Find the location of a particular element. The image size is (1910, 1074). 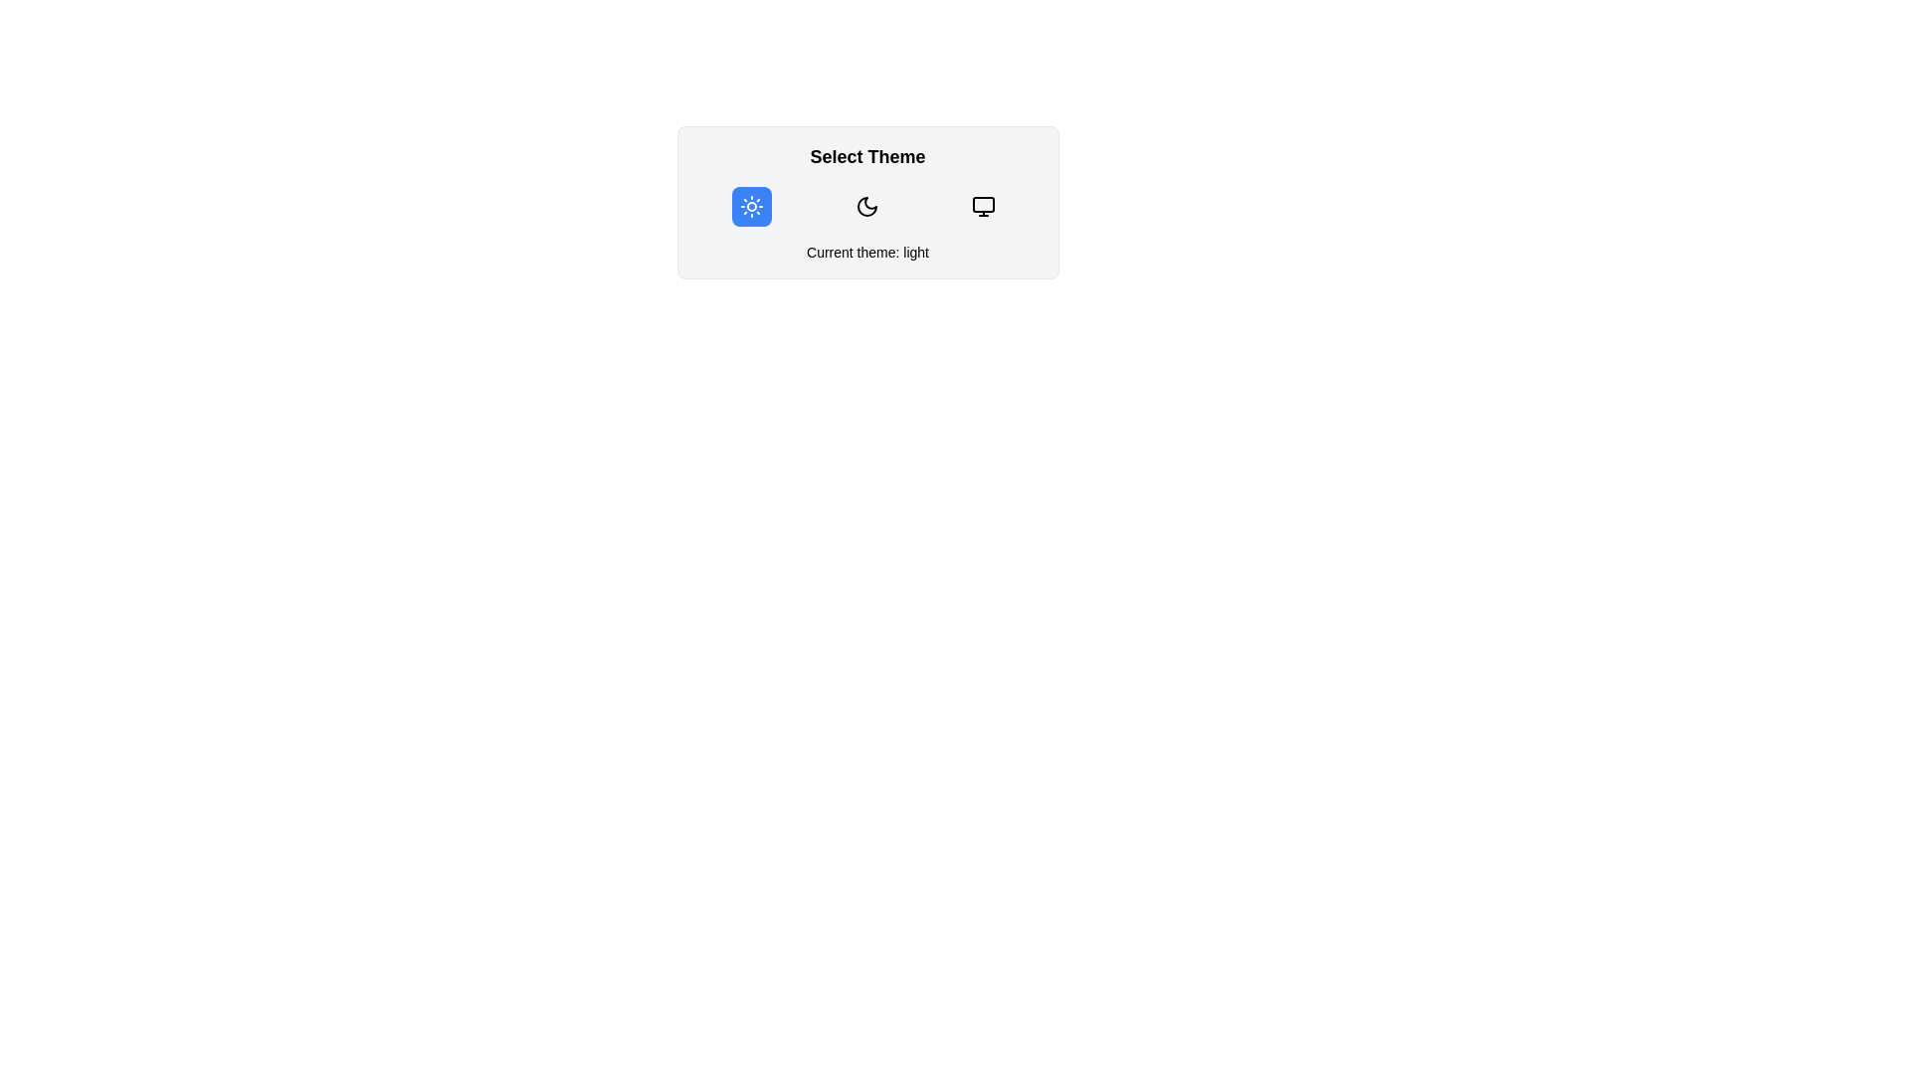

the dark mode theme selection button, which is the second icon in a group of three within the 'Select Theme' modal box is located at coordinates (867, 207).